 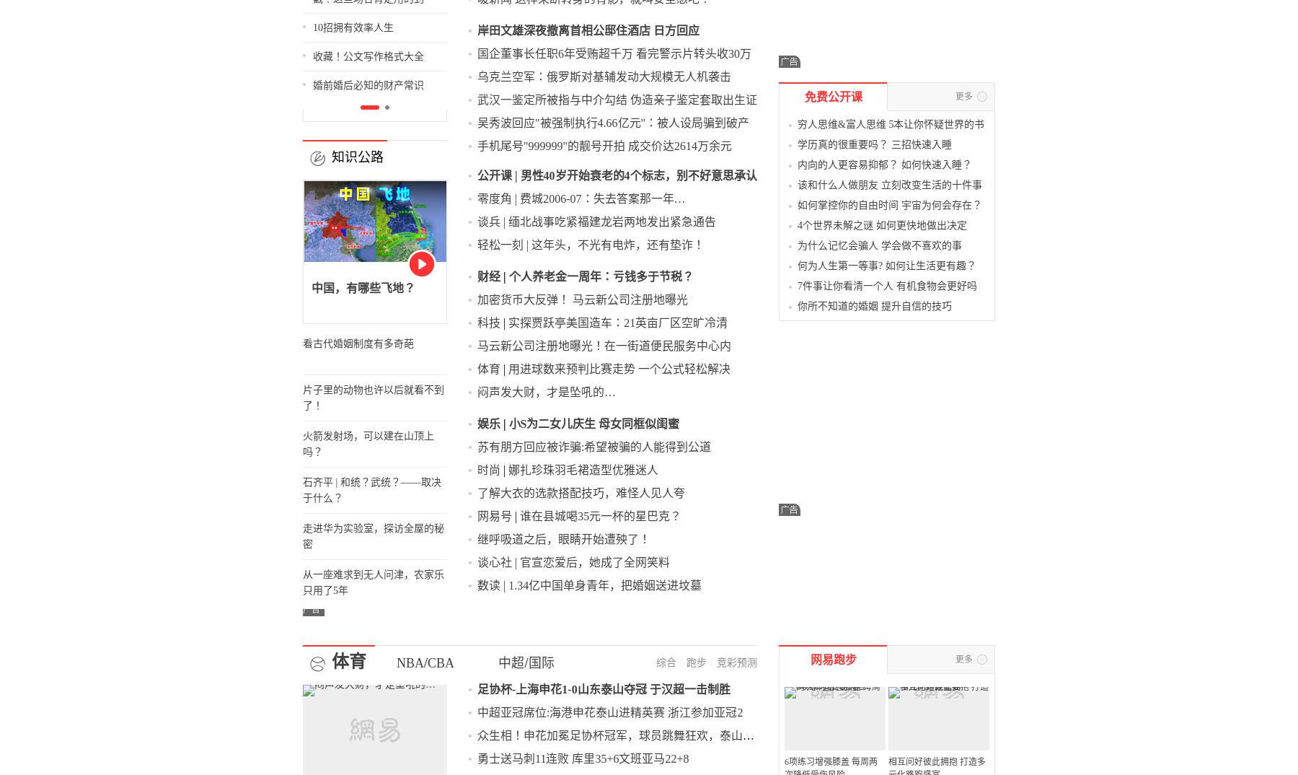 I want to click on 'CBA', so click(x=353, y=605).